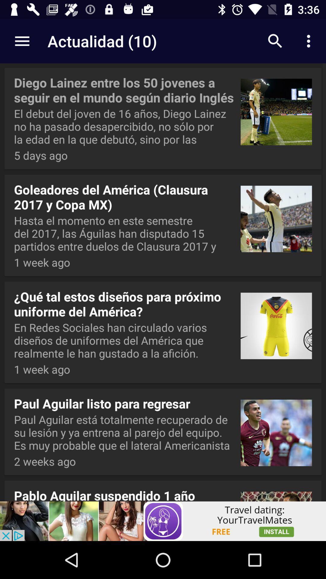  I want to click on the second image of the page, so click(276, 217).